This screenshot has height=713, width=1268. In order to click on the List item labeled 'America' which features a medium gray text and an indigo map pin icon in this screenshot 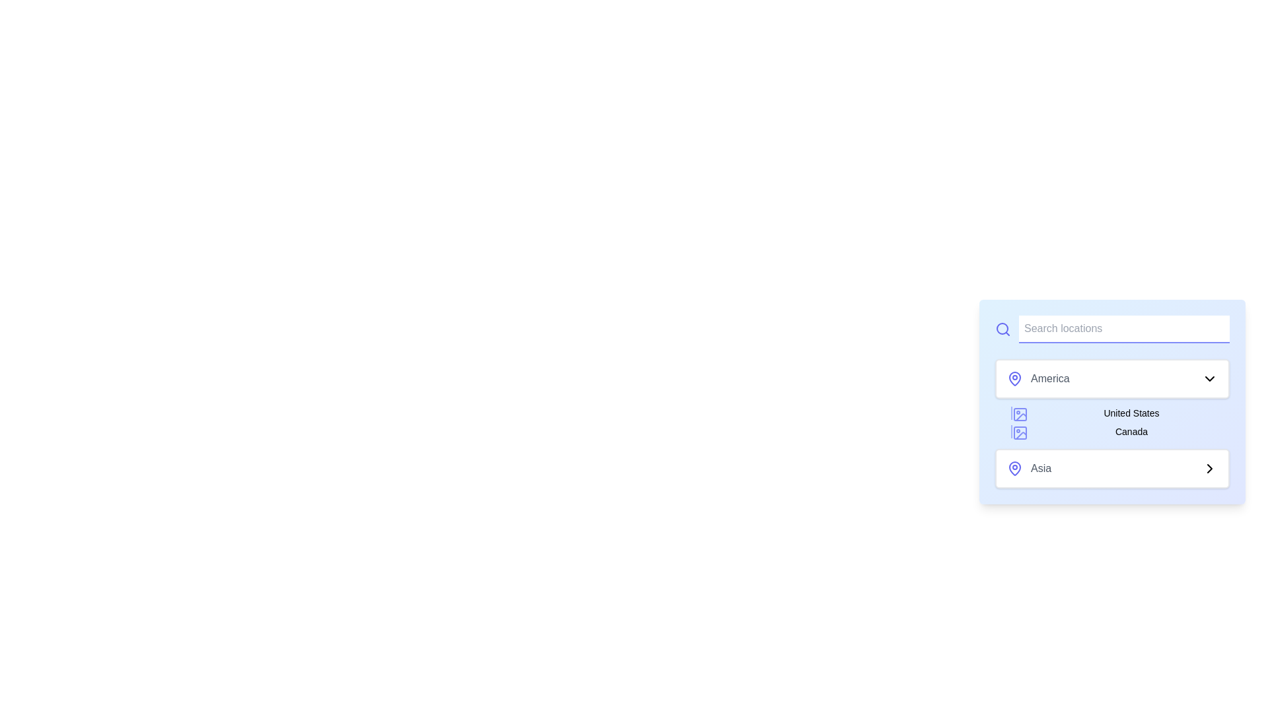, I will do `click(1038, 379)`.